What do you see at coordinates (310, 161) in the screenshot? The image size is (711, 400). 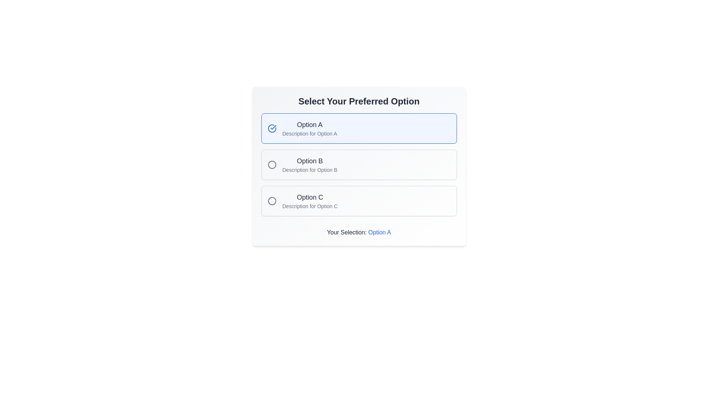 I see `the radio button associated with the 'Option B' label located in the second row under 'Select Your Preferred Option'` at bounding box center [310, 161].